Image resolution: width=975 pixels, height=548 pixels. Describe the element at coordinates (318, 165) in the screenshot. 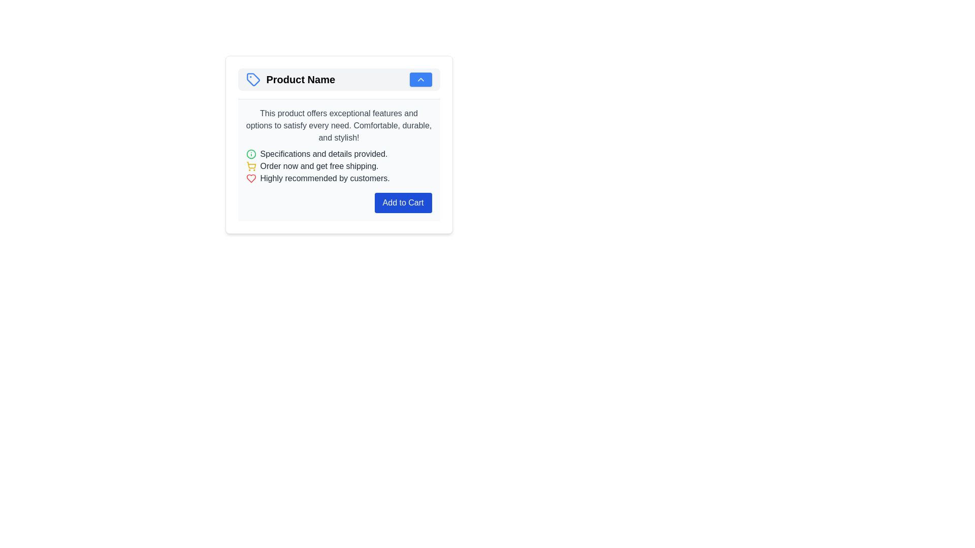

I see `the text 'Order now and get free shipping.' for copying, which is styled in a readable font and positioned under the product description section, between a green informational item and a red heart recommendation text` at that location.